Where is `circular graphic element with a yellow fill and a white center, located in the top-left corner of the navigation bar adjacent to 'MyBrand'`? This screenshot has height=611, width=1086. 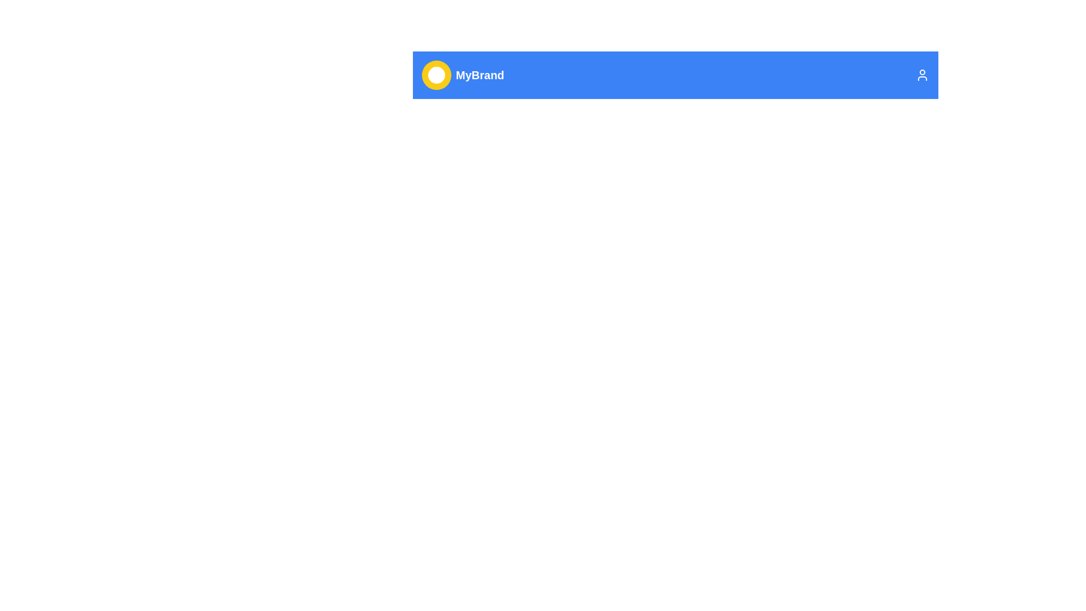 circular graphic element with a yellow fill and a white center, located in the top-left corner of the navigation bar adjacent to 'MyBrand' is located at coordinates (436, 75).